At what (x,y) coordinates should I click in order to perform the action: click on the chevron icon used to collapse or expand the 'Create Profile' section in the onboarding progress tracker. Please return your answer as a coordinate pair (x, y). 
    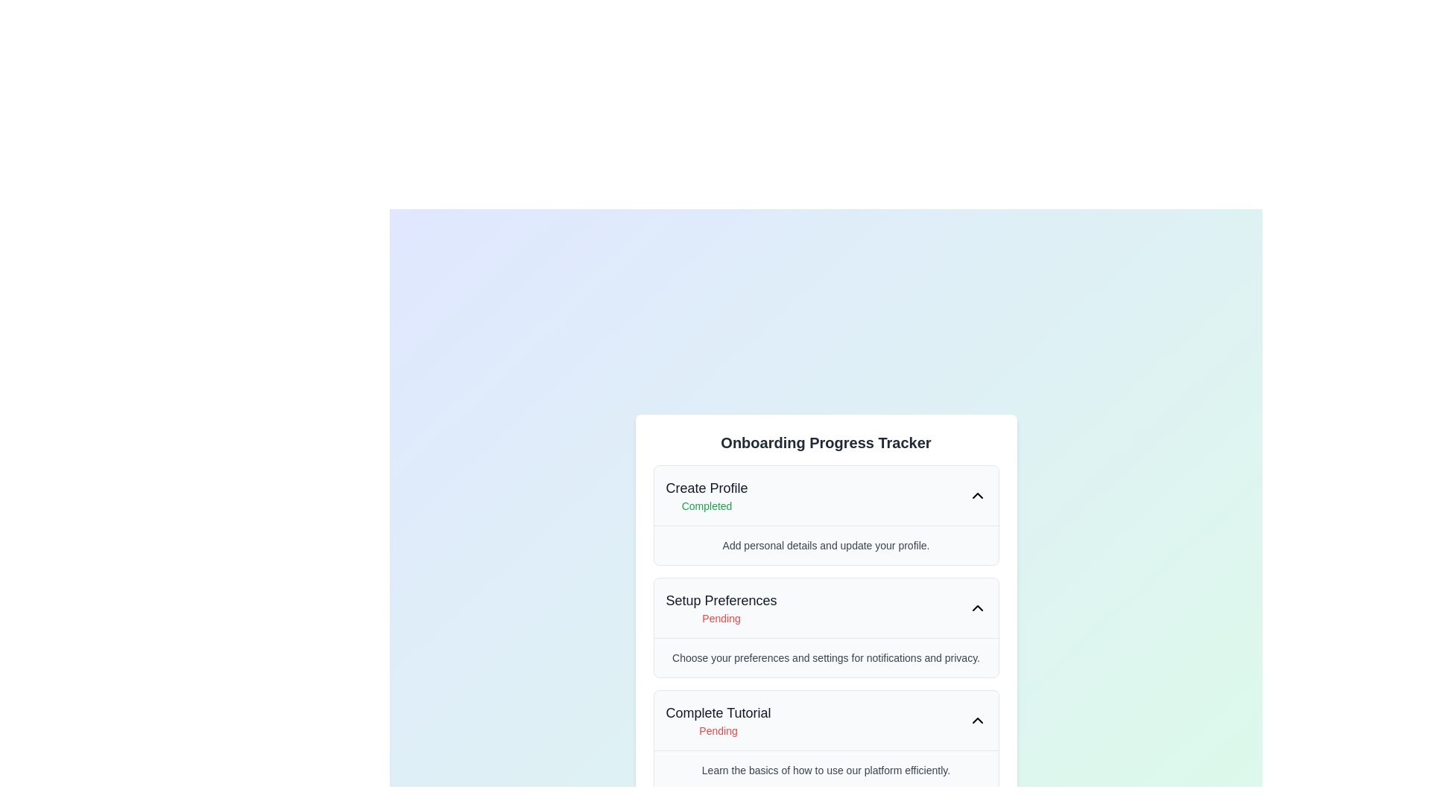
    Looking at the image, I should click on (977, 495).